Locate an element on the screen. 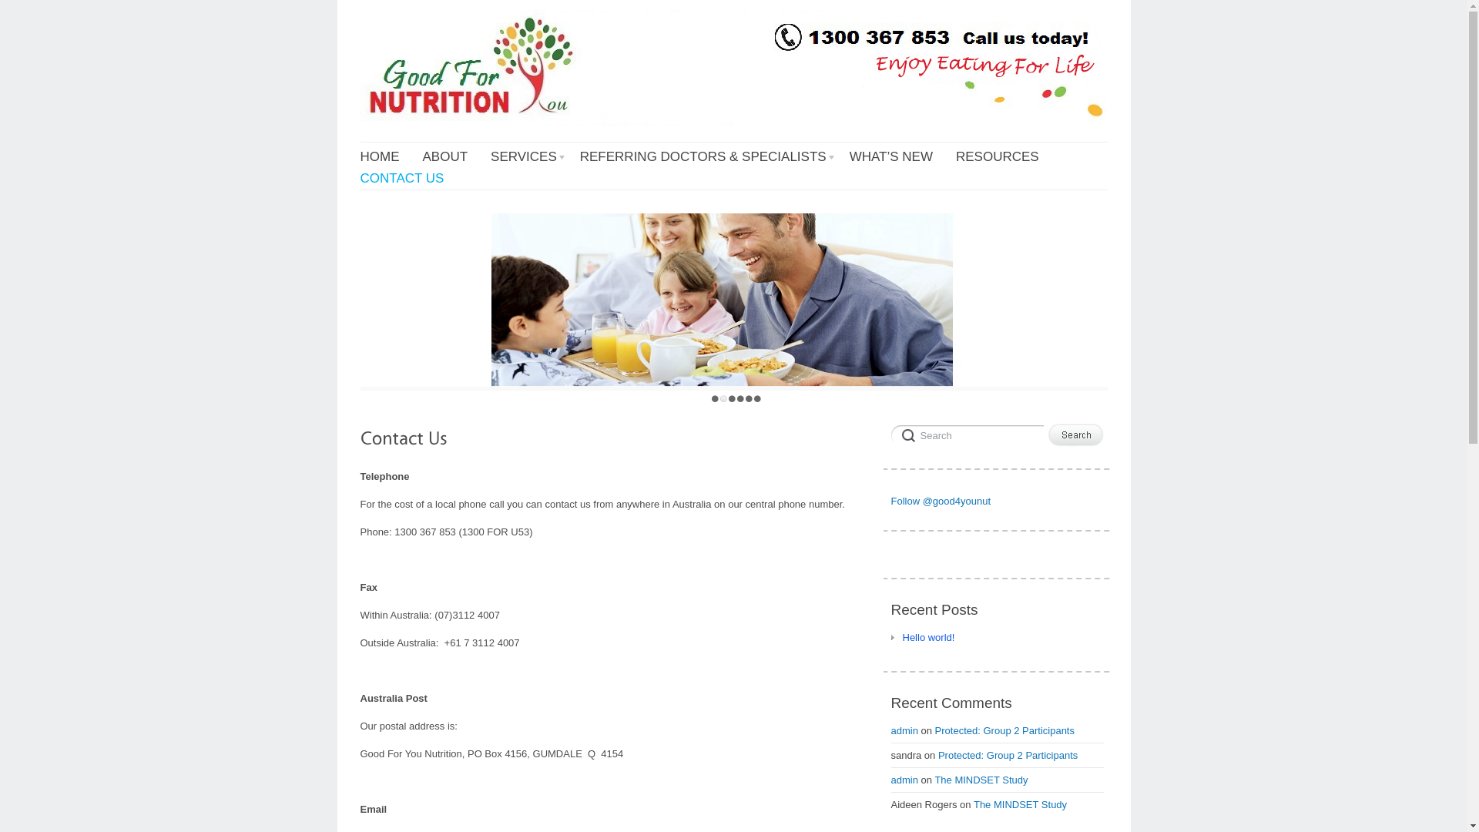 The image size is (1479, 832). 'admin' is located at coordinates (904, 730).